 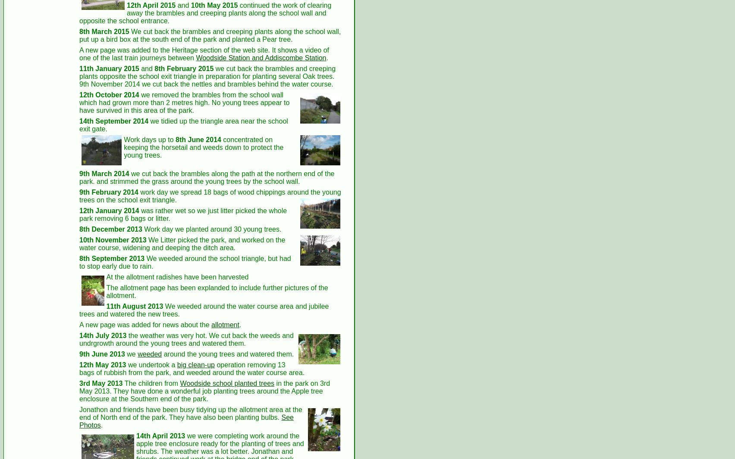 What do you see at coordinates (198, 140) in the screenshot?
I see `'8th June 2014'` at bounding box center [198, 140].